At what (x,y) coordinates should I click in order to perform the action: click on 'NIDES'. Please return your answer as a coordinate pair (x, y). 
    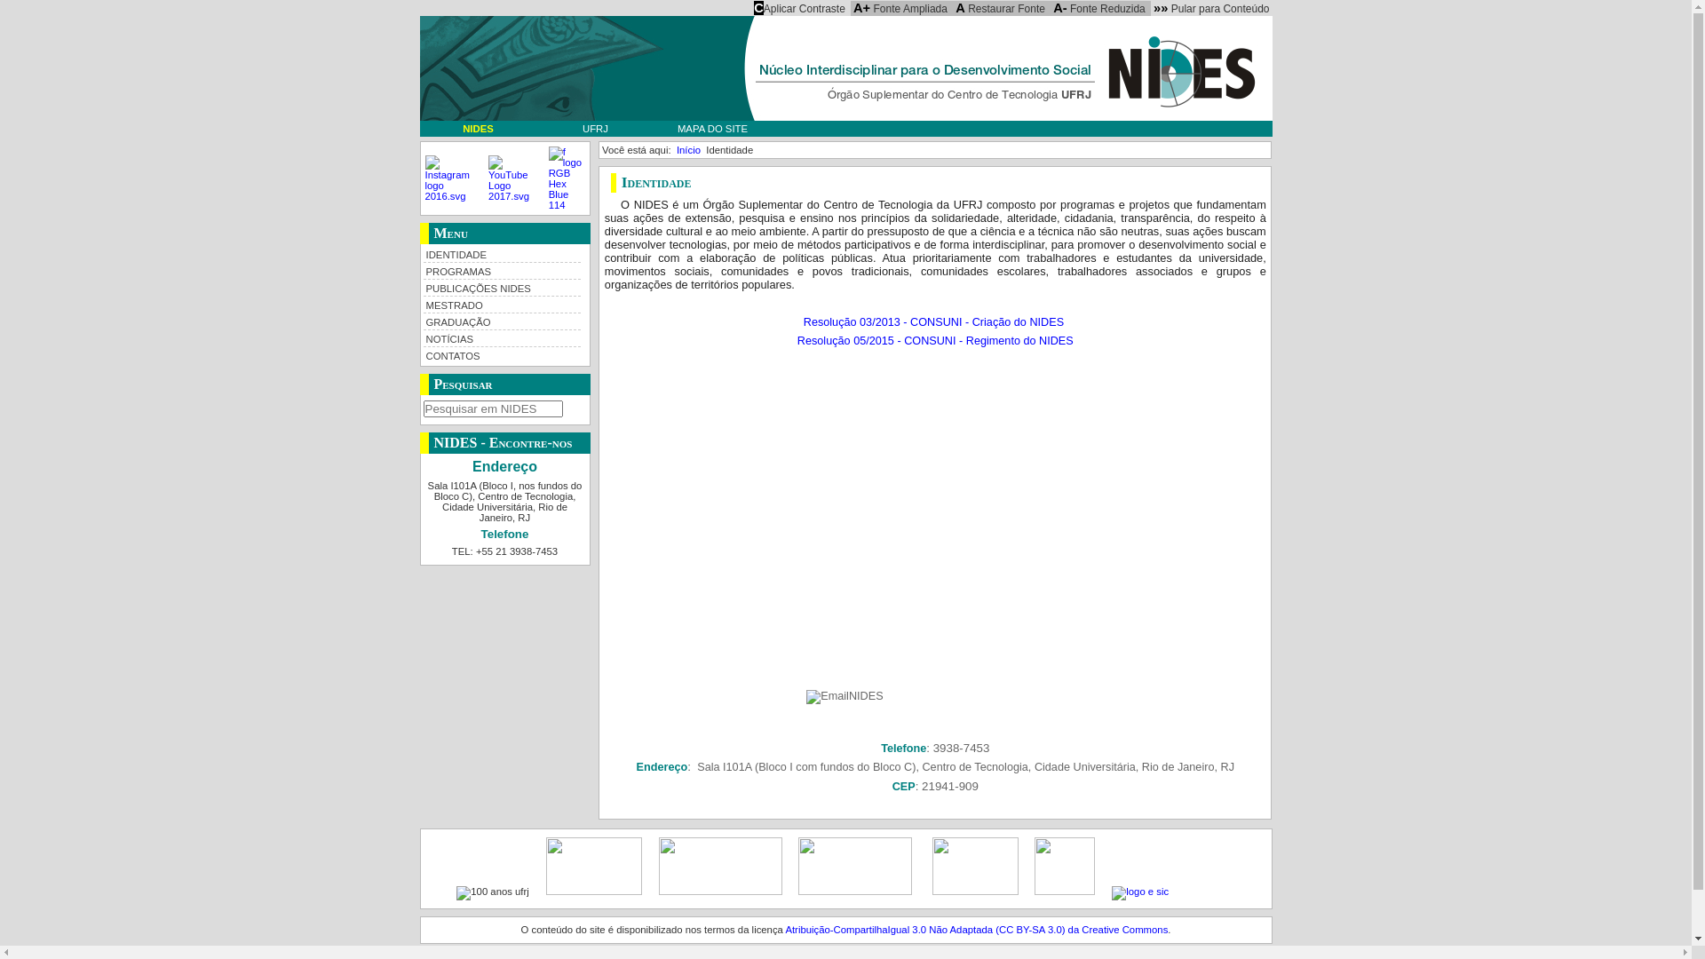
    Looking at the image, I should click on (417, 128).